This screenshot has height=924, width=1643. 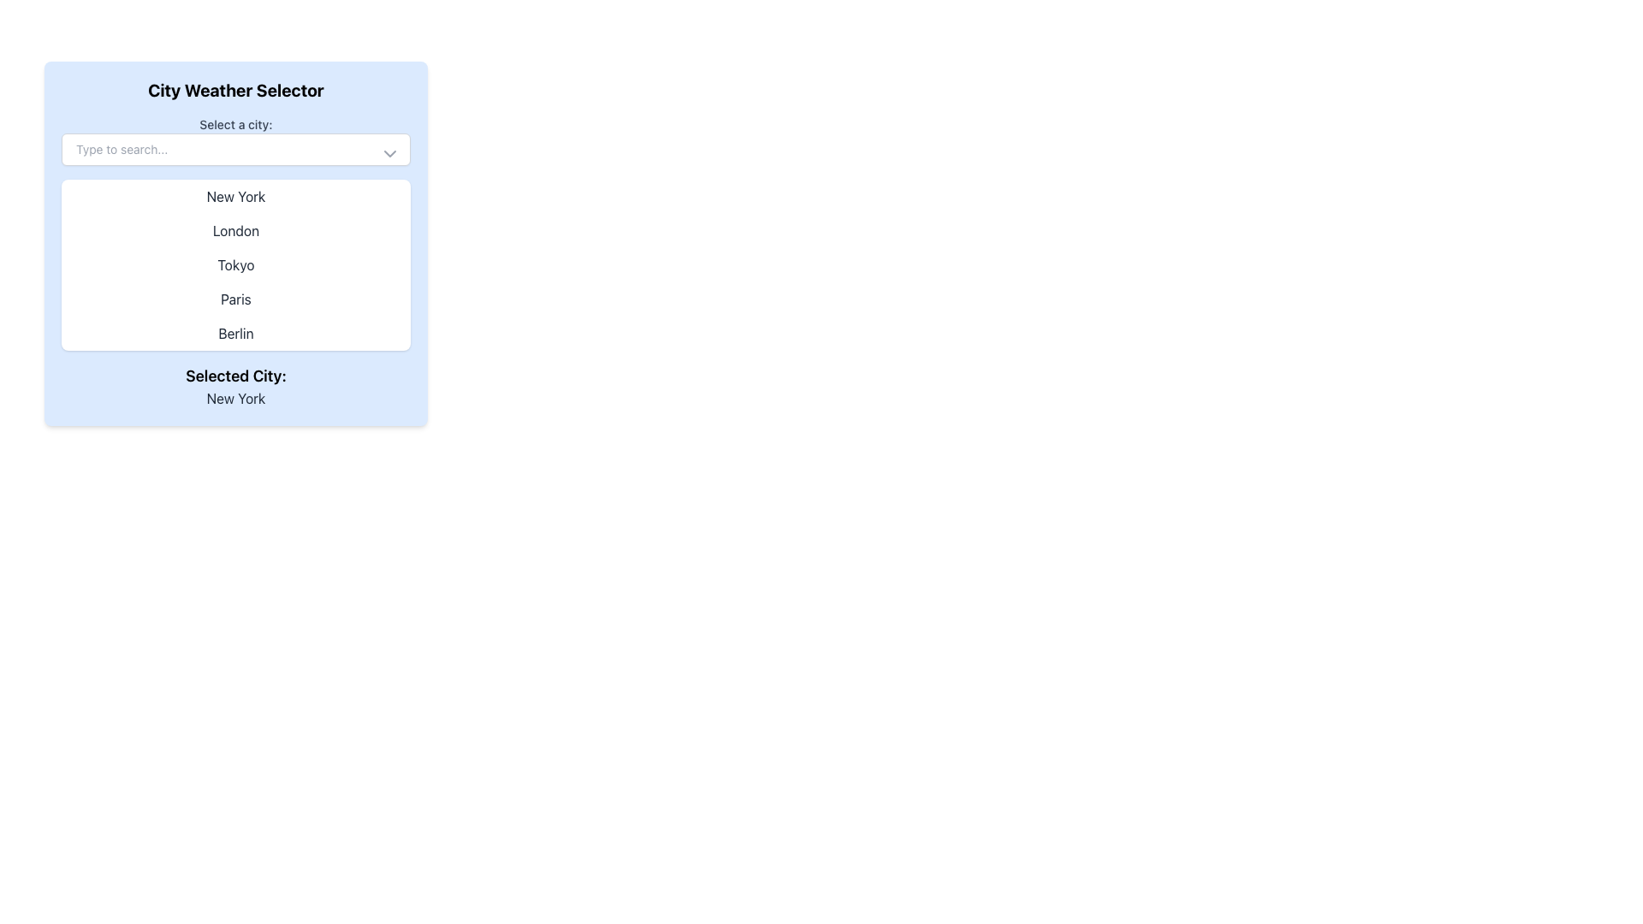 What do you see at coordinates (234, 196) in the screenshot?
I see `the text label 'New York' in the selectable list` at bounding box center [234, 196].